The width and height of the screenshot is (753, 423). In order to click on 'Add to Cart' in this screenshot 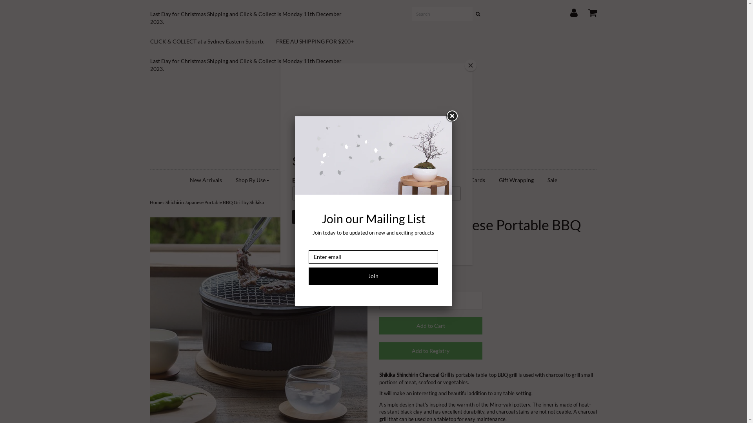, I will do `click(430, 326)`.